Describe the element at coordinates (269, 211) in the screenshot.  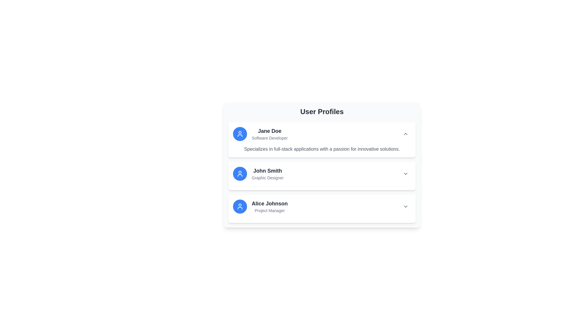
I see `text content of the job title label located in the third user profile card, directly below the name 'Alice Johnson'` at that location.